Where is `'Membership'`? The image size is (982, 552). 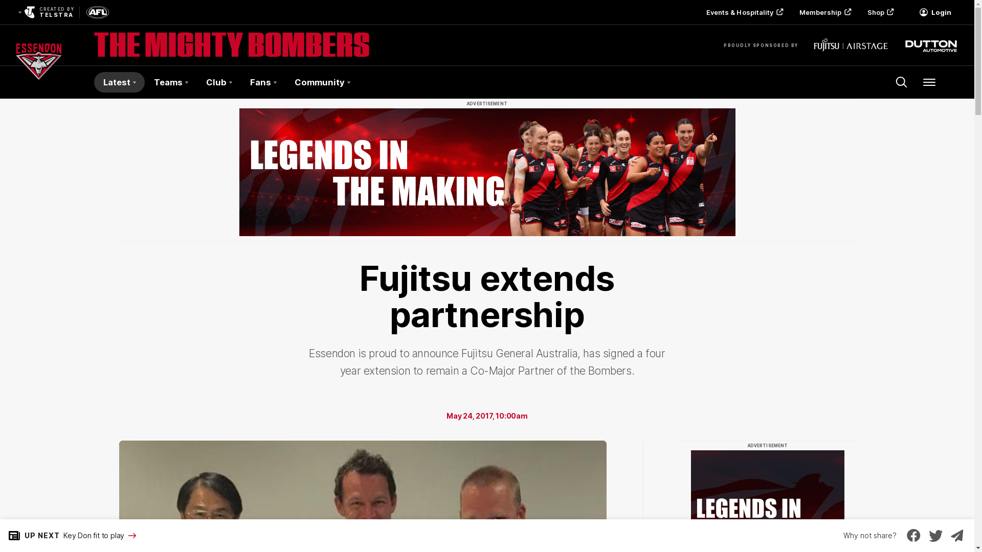
'Membership' is located at coordinates (790, 12).